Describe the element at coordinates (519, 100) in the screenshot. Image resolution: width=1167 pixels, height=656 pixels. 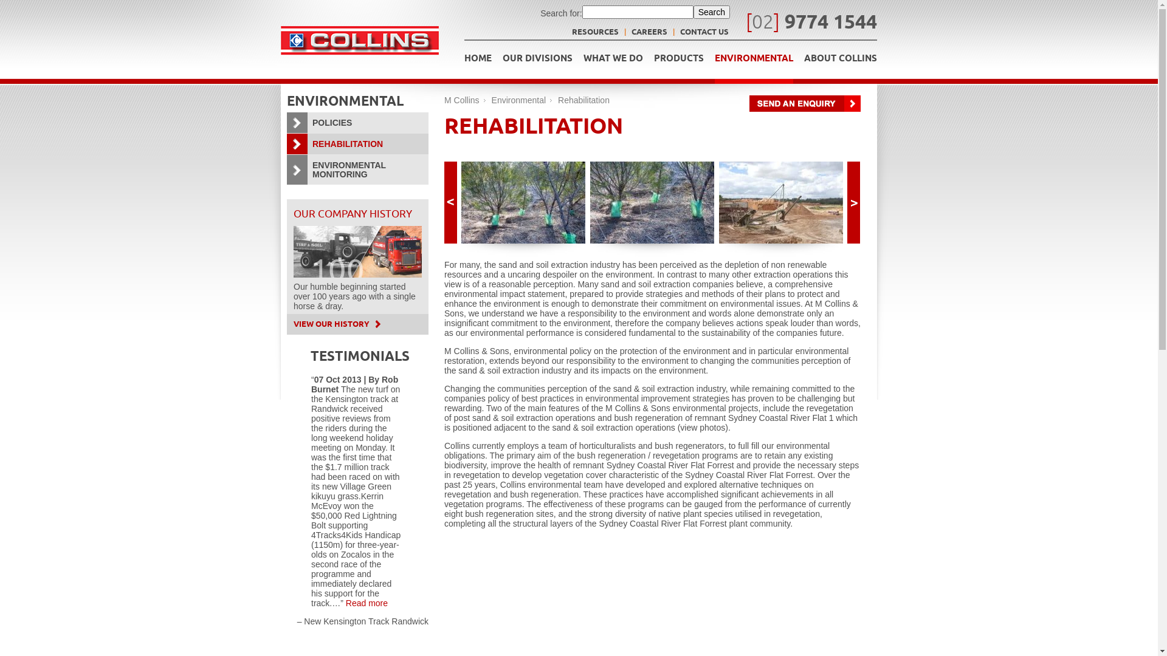
I see `'Environmental'` at that location.